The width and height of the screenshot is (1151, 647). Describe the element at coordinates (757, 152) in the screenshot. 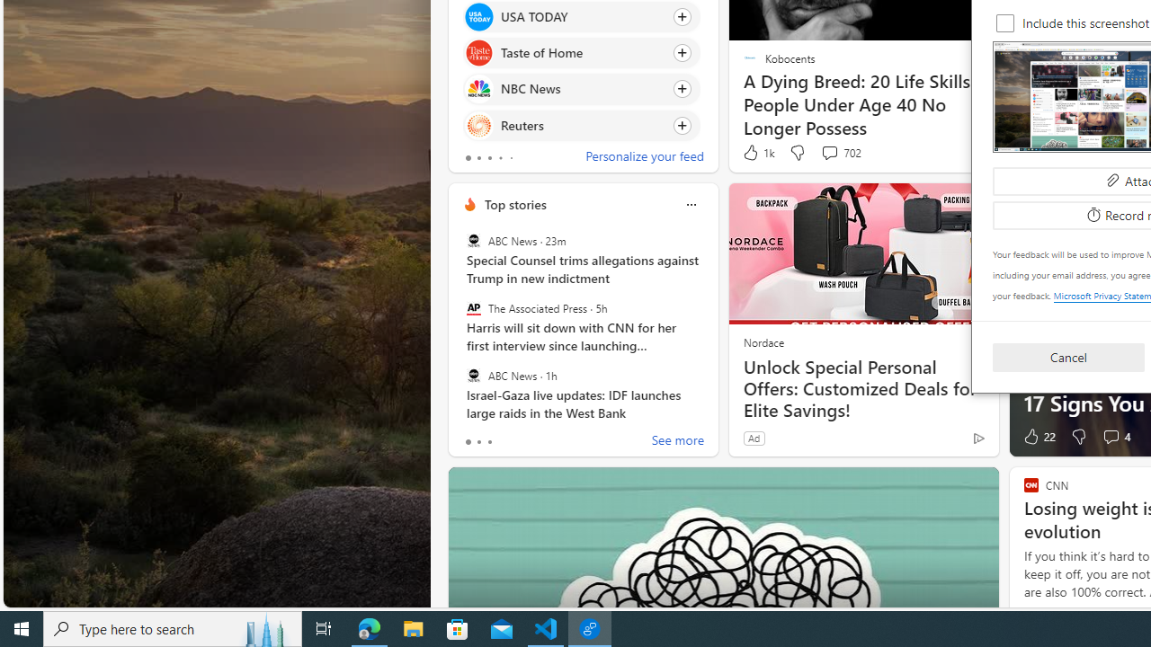

I see `'1k Like'` at that location.